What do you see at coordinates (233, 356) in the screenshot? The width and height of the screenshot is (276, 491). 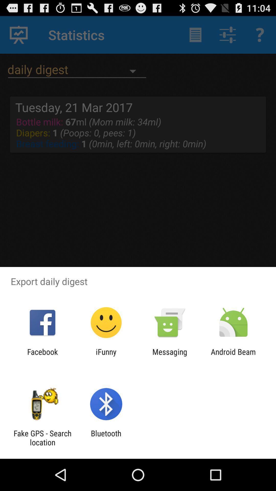 I see `android beam item` at bounding box center [233, 356].